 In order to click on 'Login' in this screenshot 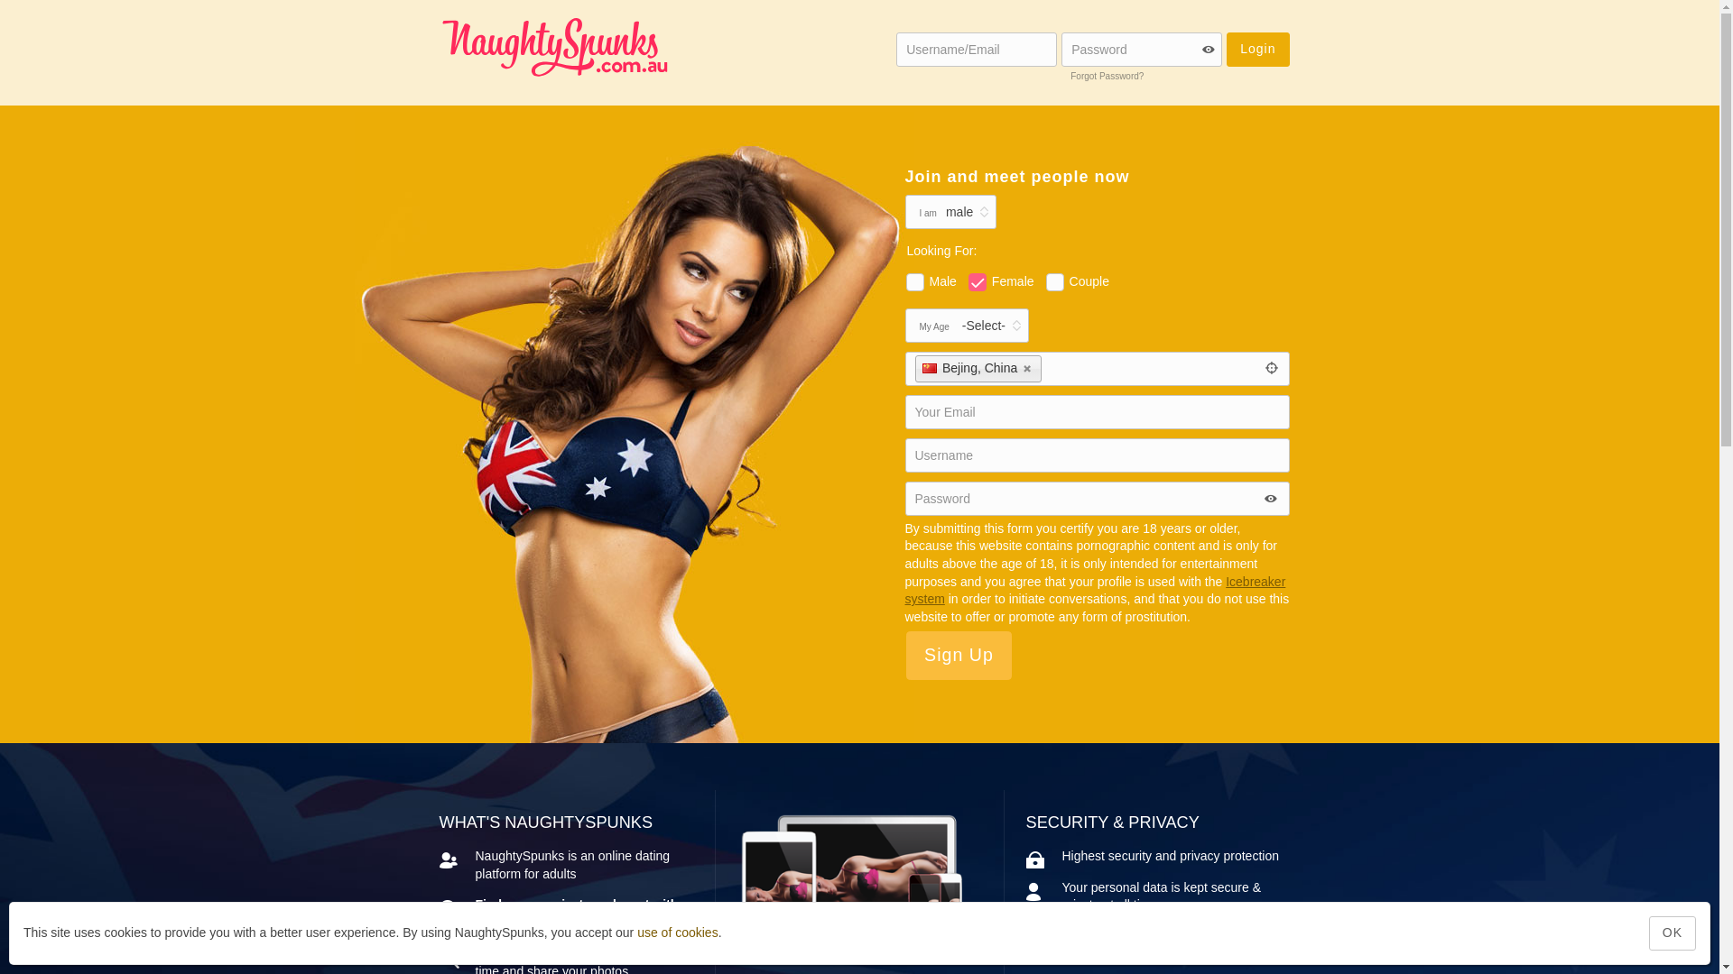, I will do `click(1226, 48)`.